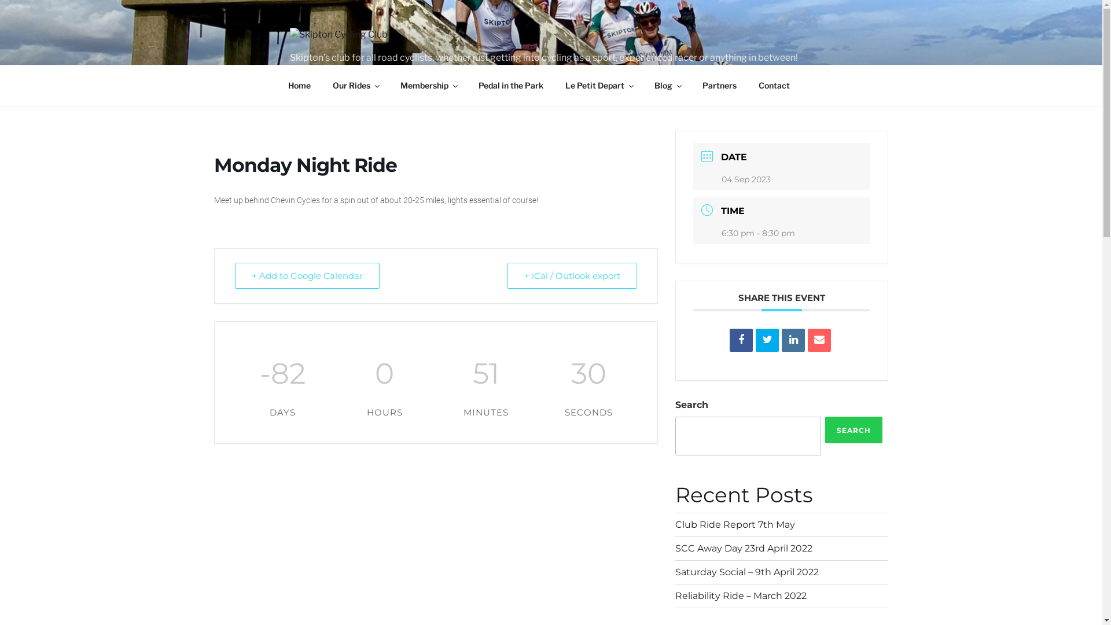 The width and height of the screenshot is (1111, 625). I want to click on 'SCC Away Day 23rd April 2022', so click(744, 547).